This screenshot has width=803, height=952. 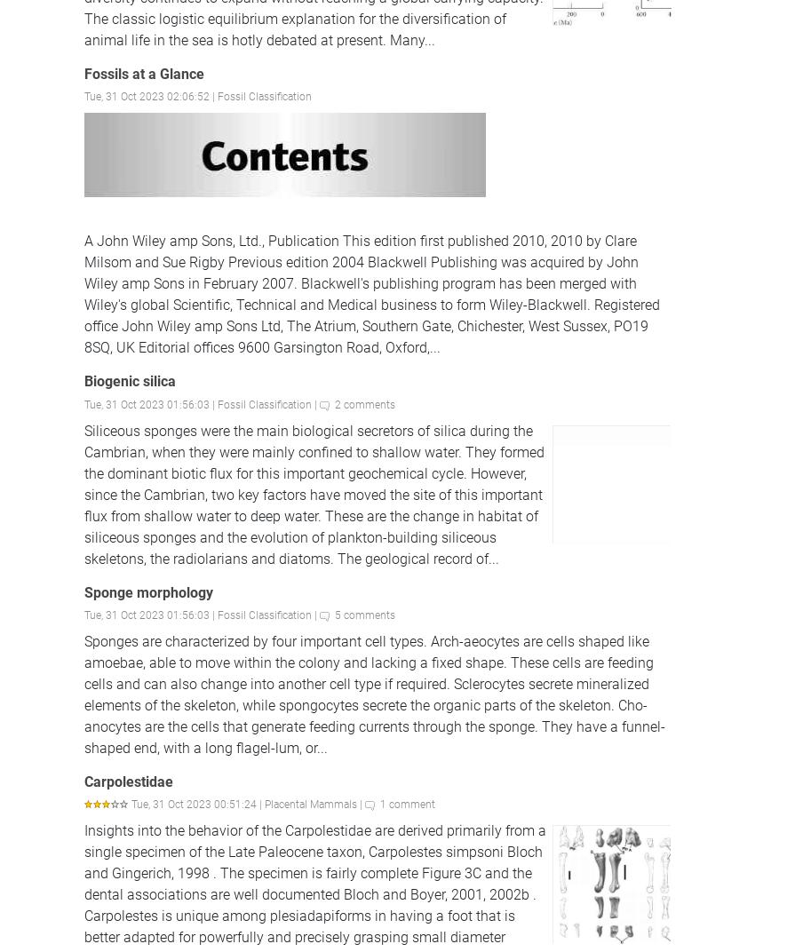 I want to click on 'Placental Mammals', so click(x=310, y=803).